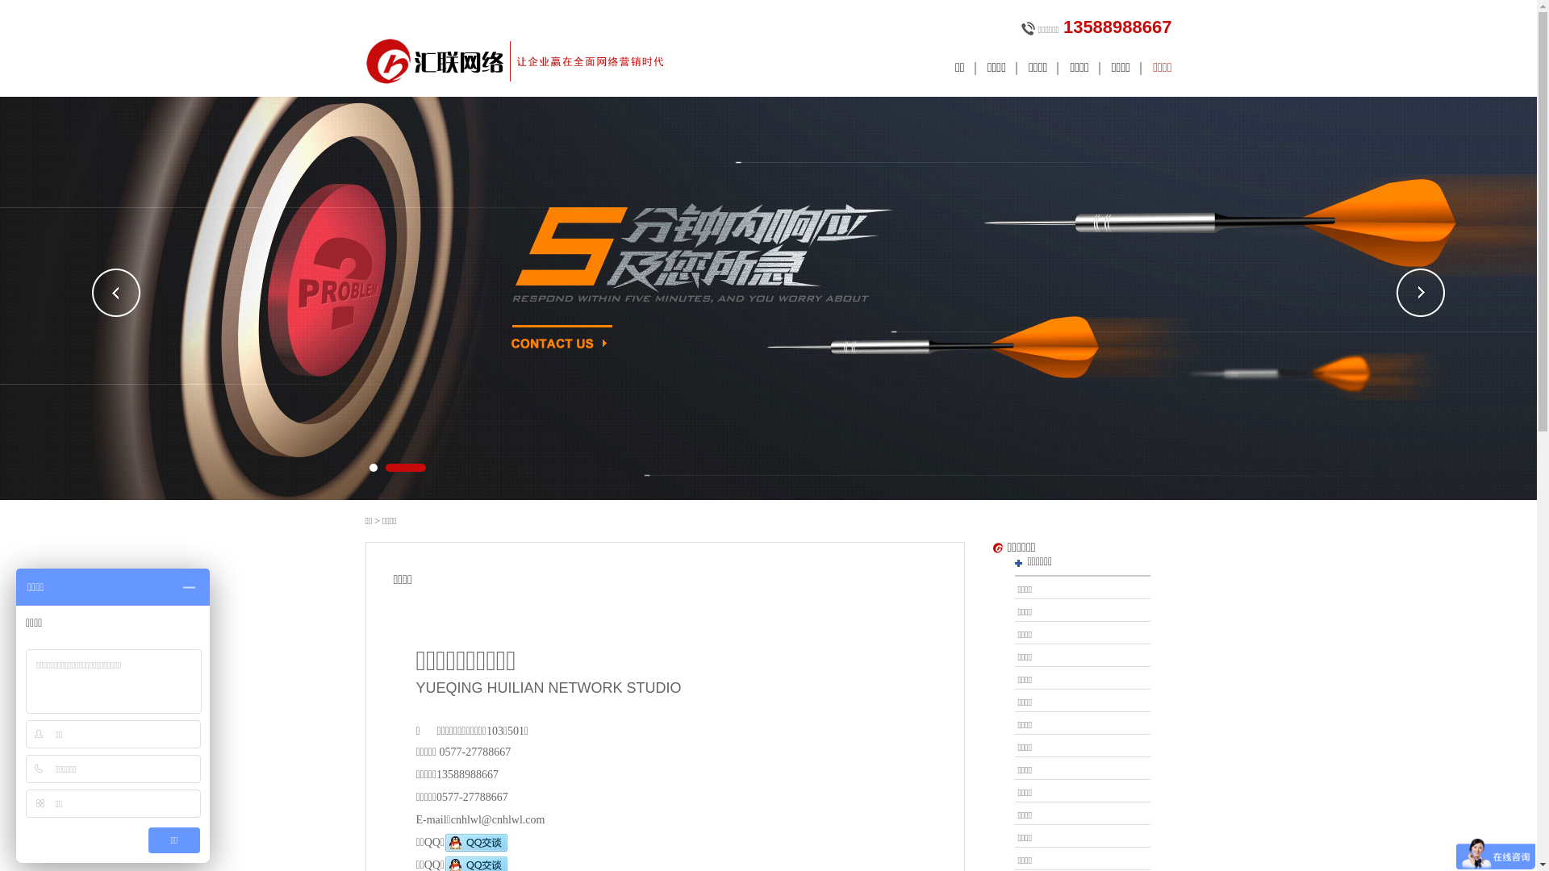 Image resolution: width=1549 pixels, height=871 pixels. Describe the element at coordinates (368, 467) in the screenshot. I see `'1'` at that location.